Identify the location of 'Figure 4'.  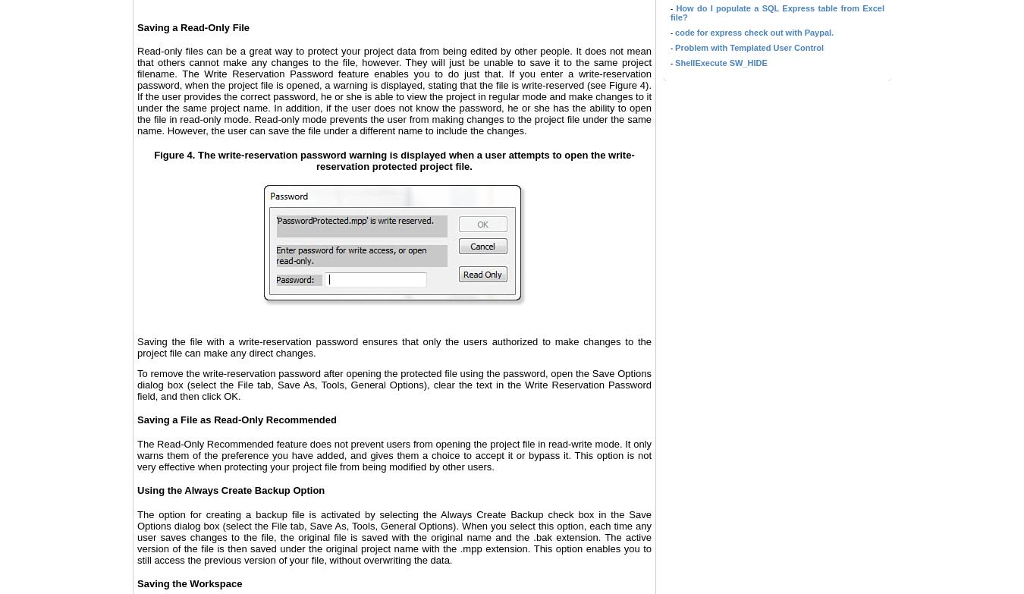
(627, 85).